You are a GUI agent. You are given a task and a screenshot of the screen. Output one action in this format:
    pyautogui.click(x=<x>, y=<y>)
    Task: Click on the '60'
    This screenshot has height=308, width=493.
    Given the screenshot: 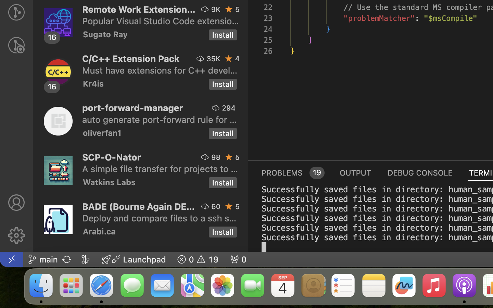 What is the action you would take?
    pyautogui.click(x=216, y=206)
    